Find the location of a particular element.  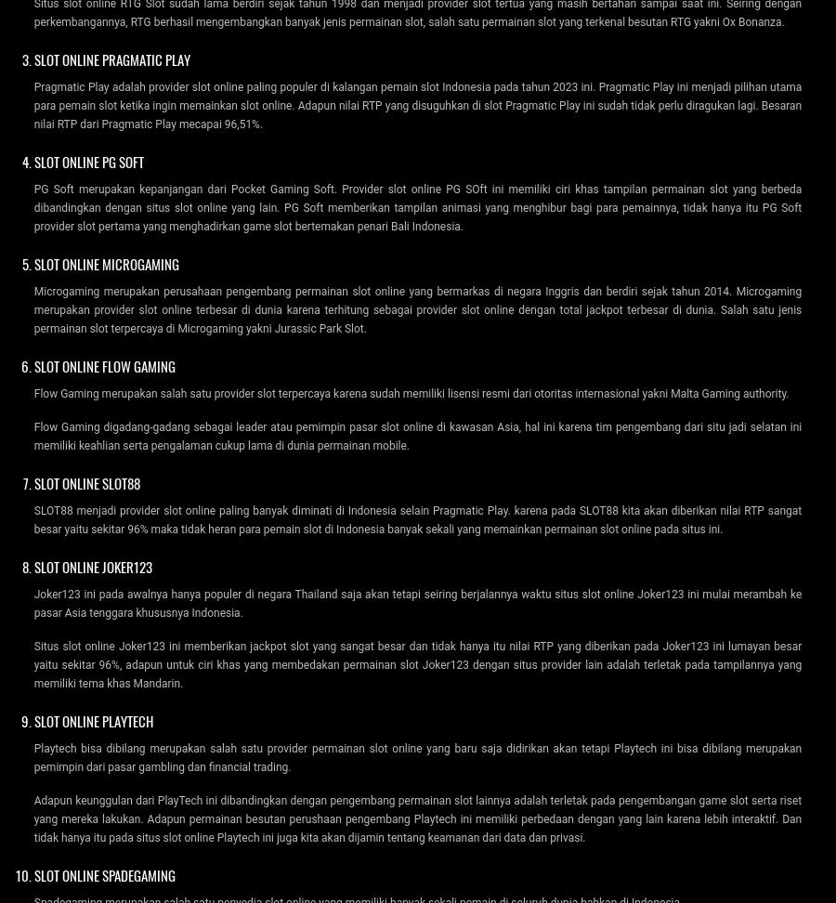

'Situs slot online Joker123 ini memberikan jackpot slot yang sangat besar dan tidak hanya itu nilai RTP yang diberikan pada Joker123 ini lumayan besar yaitu sekitar 96%, adapun untuk ciri khas yang membedakan permainan slot Joker123 dengan situs provider lain adalah terletak pada tampilannya yang memiliki tema khas Mandarin.' is located at coordinates (417, 663).